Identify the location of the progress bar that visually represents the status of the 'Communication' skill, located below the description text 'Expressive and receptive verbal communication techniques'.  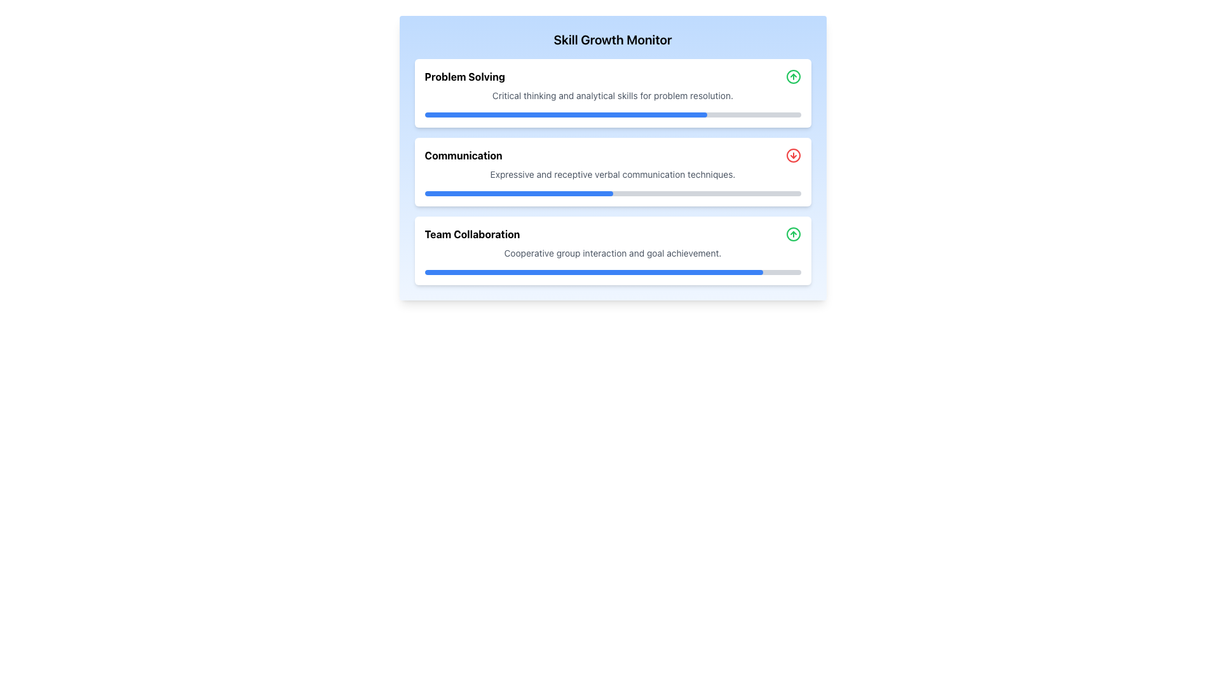
(613, 193).